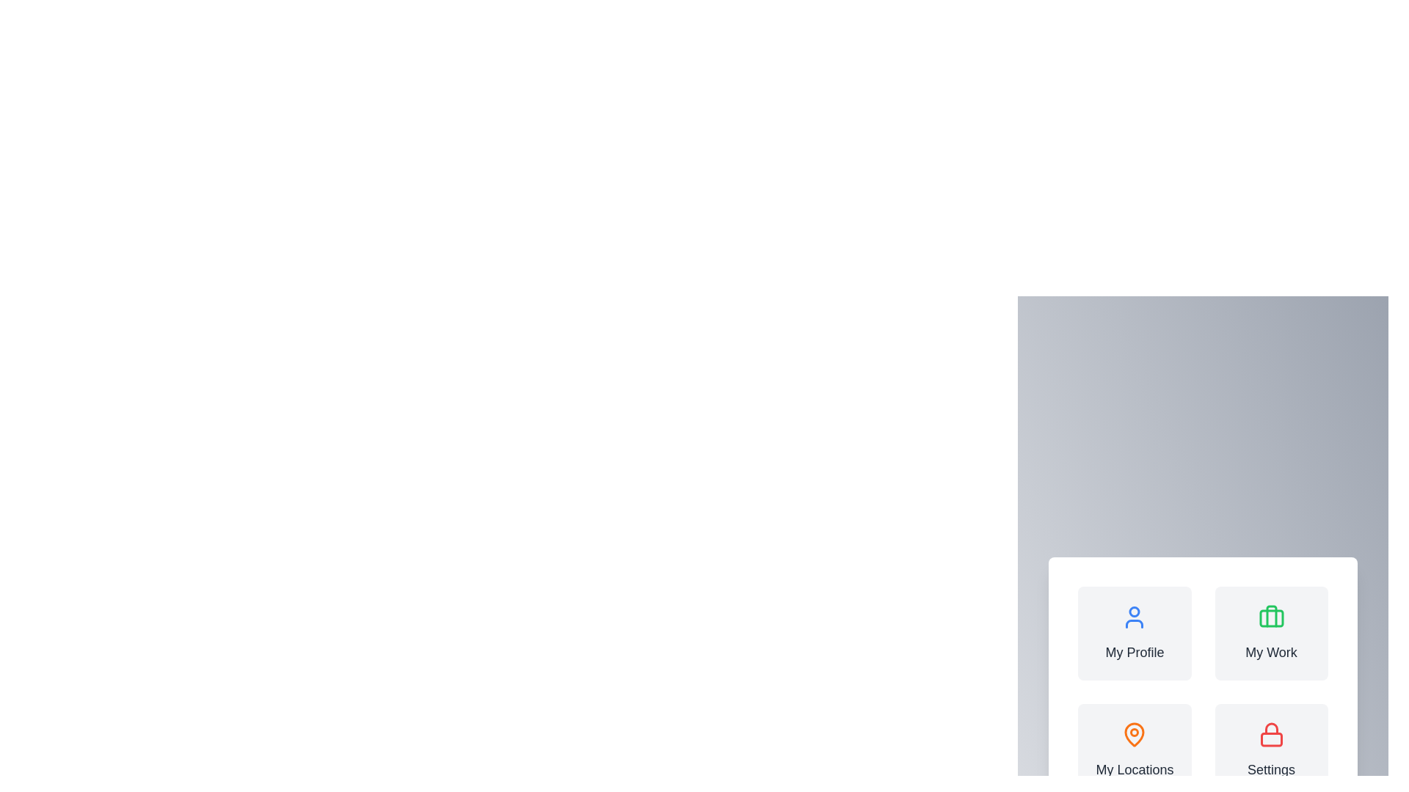 The image size is (1409, 792). What do you see at coordinates (1270, 618) in the screenshot?
I see `the rectangular graphical component located at the center of the briefcase icon in the second position of a two-by-two grid layout` at bounding box center [1270, 618].